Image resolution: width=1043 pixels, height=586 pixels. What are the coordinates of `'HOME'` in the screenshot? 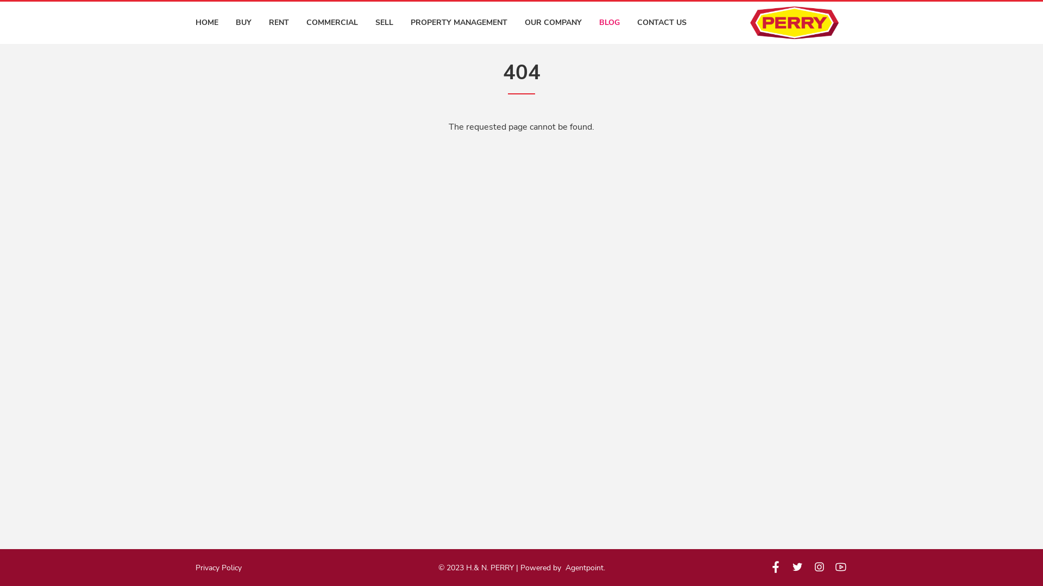 It's located at (206, 23).